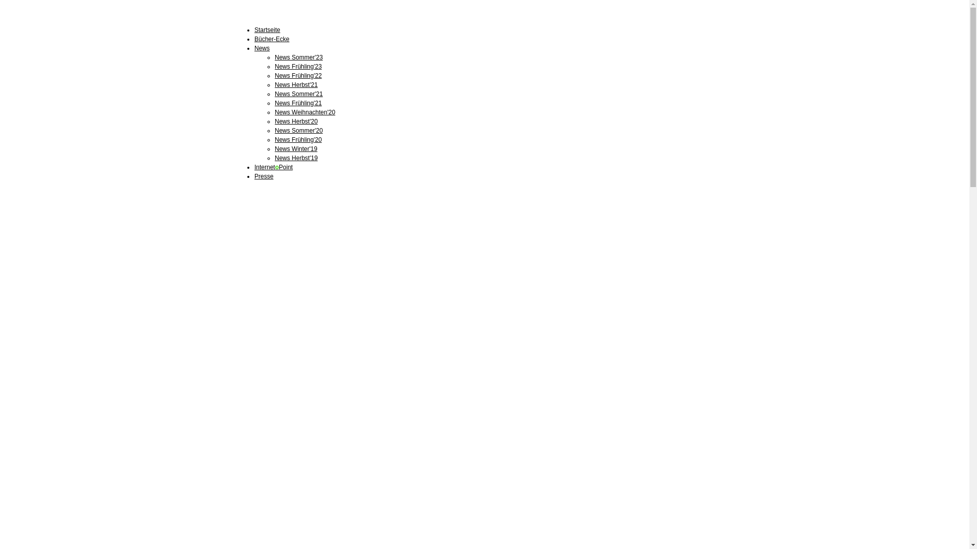  What do you see at coordinates (264, 176) in the screenshot?
I see `'Presse'` at bounding box center [264, 176].